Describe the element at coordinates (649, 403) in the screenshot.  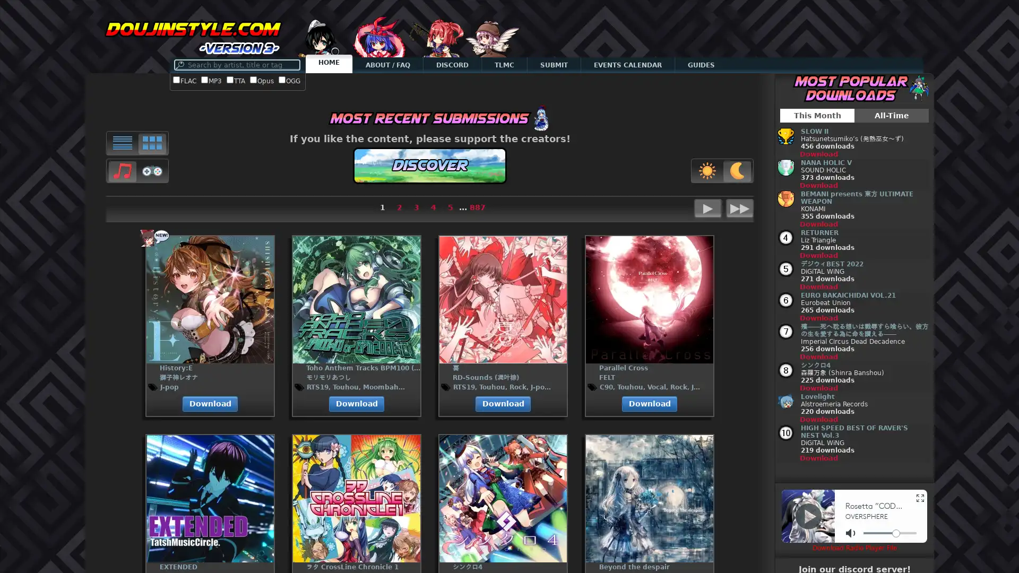
I see `Download` at that location.